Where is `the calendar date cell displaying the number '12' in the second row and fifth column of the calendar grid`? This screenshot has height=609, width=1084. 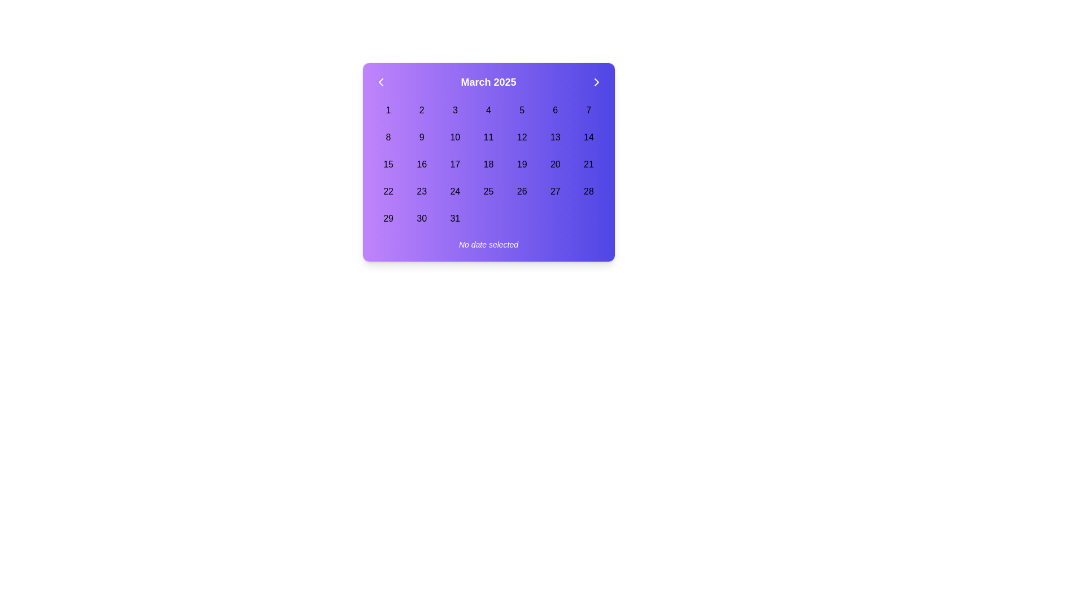 the calendar date cell displaying the number '12' in the second row and fifth column of the calendar grid is located at coordinates (521, 136).